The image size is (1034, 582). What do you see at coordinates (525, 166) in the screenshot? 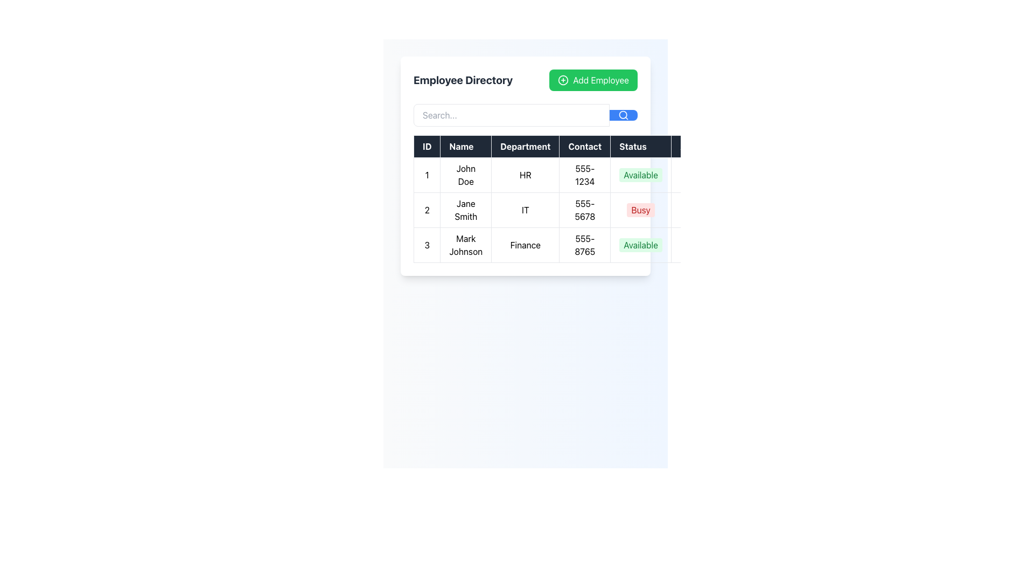
I see `the table cell containing 'HR' under the 'Department' column for 'John Doe'` at bounding box center [525, 166].